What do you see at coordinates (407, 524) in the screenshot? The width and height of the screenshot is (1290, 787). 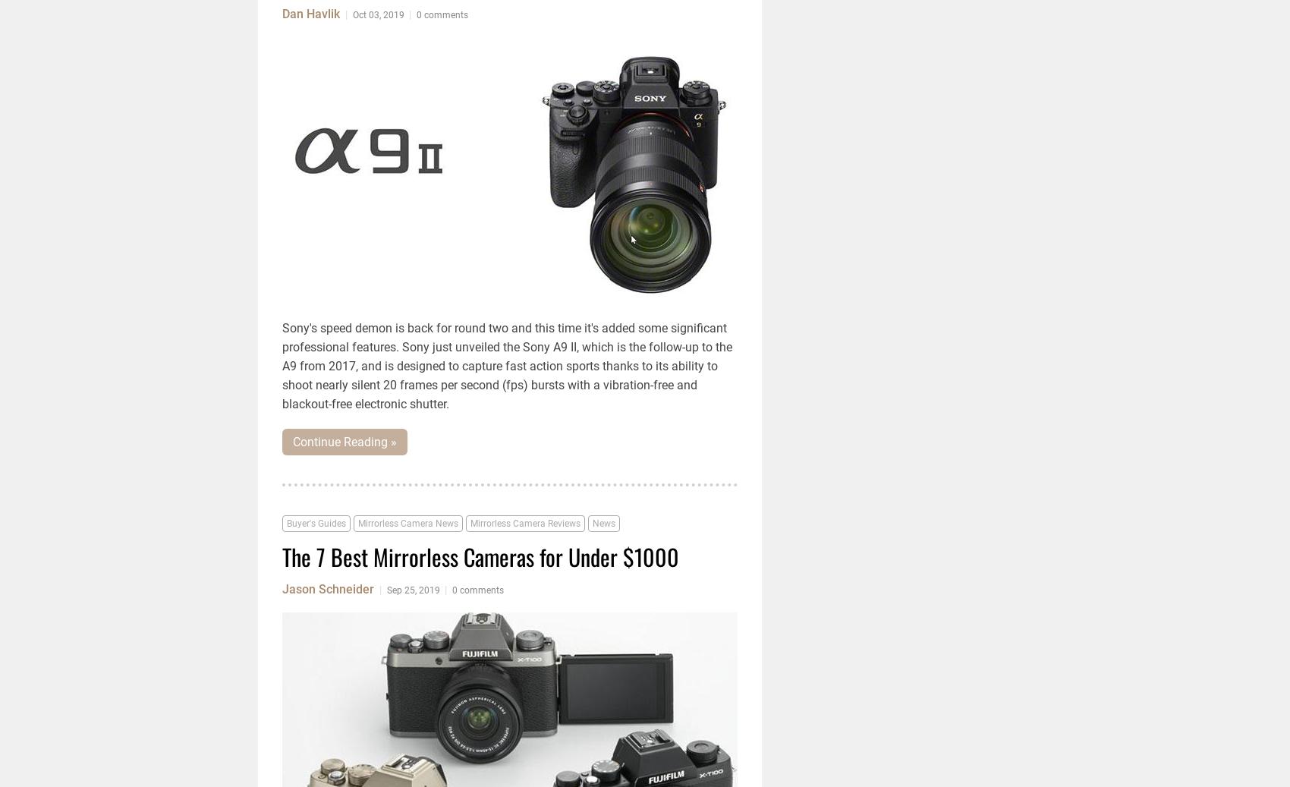 I see `'Mirrorless Camera News'` at bounding box center [407, 524].